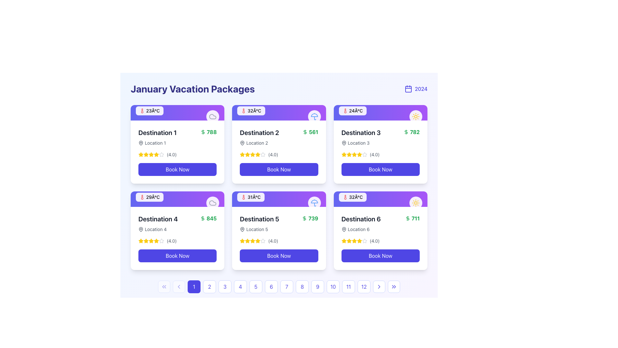 The image size is (618, 348). I want to click on rating value displayed in the Rating display component located in the first card of the grid layout under 'January Vacation Packages', positioned below the location and price information, and above the 'Book Now' button, so click(177, 154).